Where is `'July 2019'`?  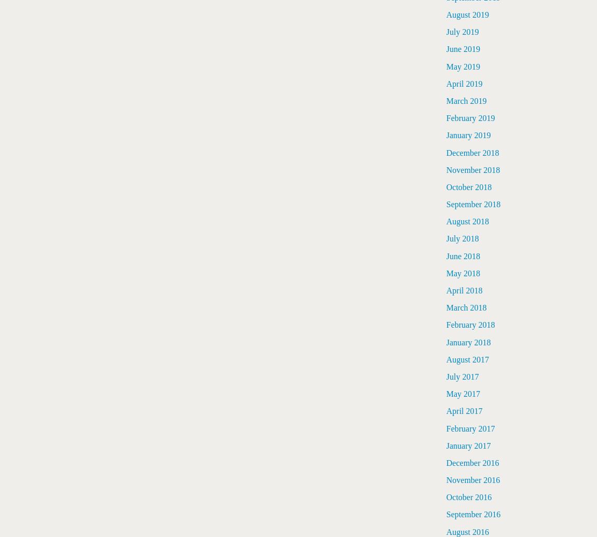 'July 2019' is located at coordinates (445, 32).